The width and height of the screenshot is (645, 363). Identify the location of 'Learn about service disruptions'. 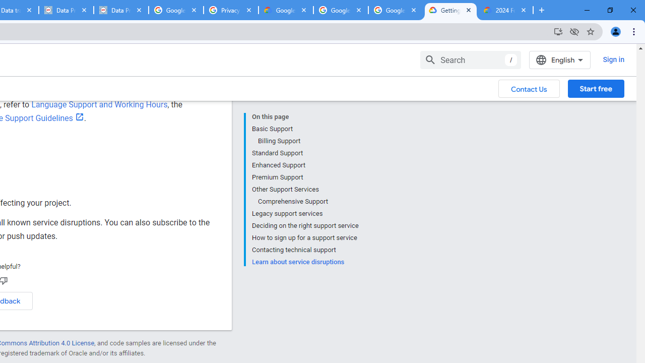
(304, 261).